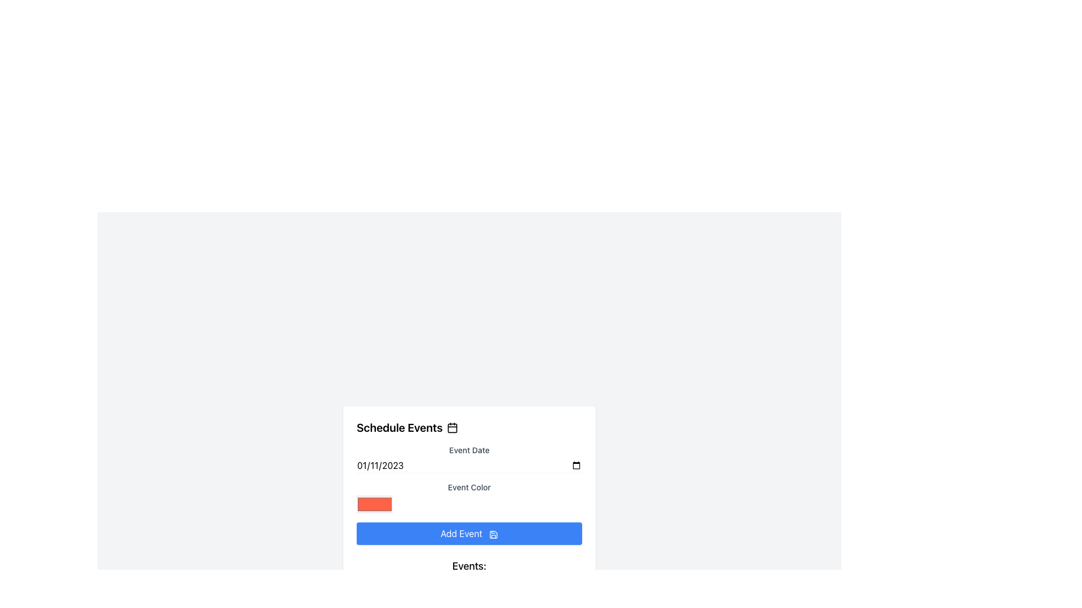 This screenshot has width=1082, height=608. What do you see at coordinates (469, 494) in the screenshot?
I see `the orange-red color picker box located below the 'Event Color' label in the 'Schedule Events' form` at bounding box center [469, 494].